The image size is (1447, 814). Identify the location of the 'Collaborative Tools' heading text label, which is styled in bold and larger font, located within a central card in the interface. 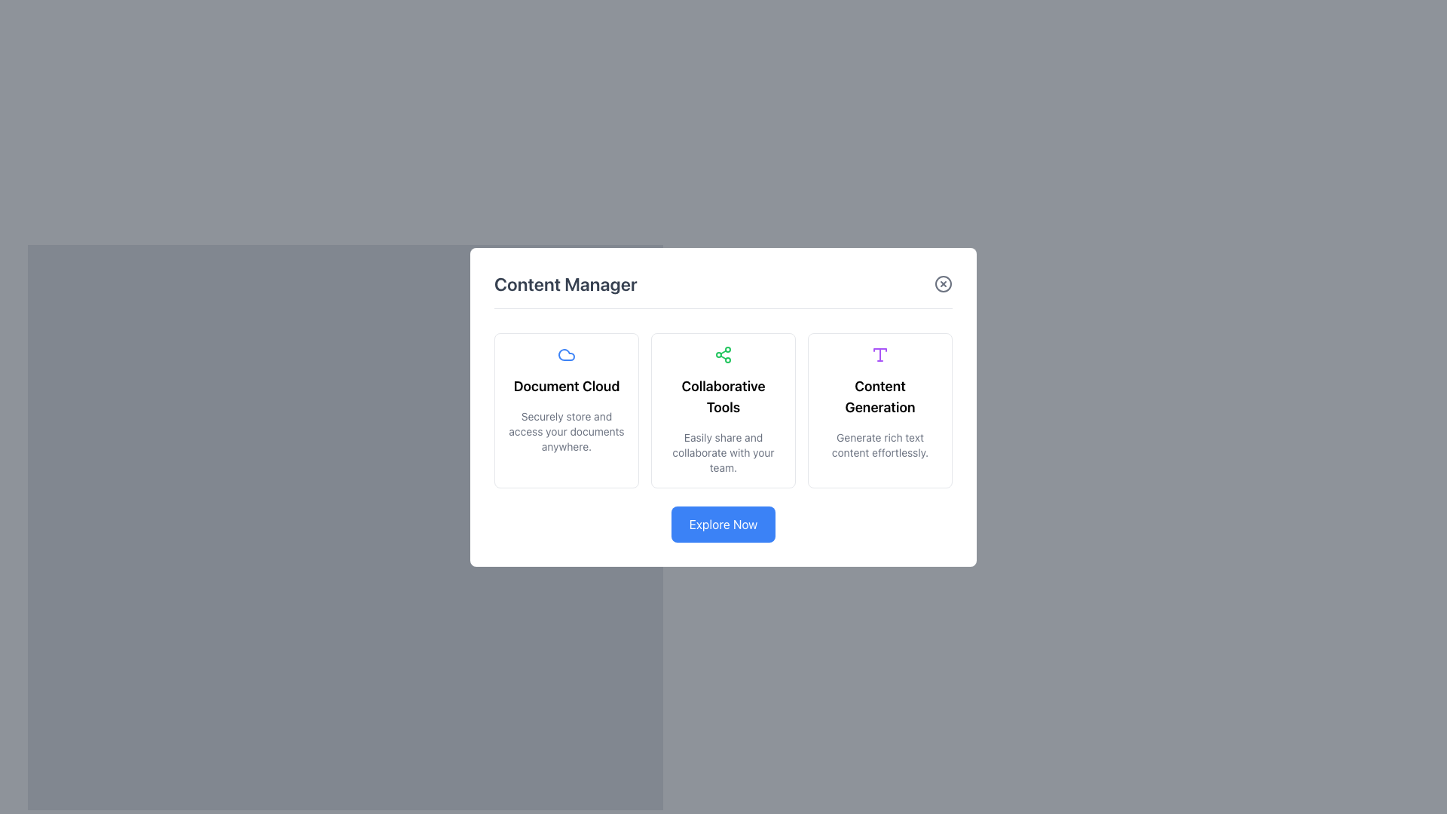
(723, 396).